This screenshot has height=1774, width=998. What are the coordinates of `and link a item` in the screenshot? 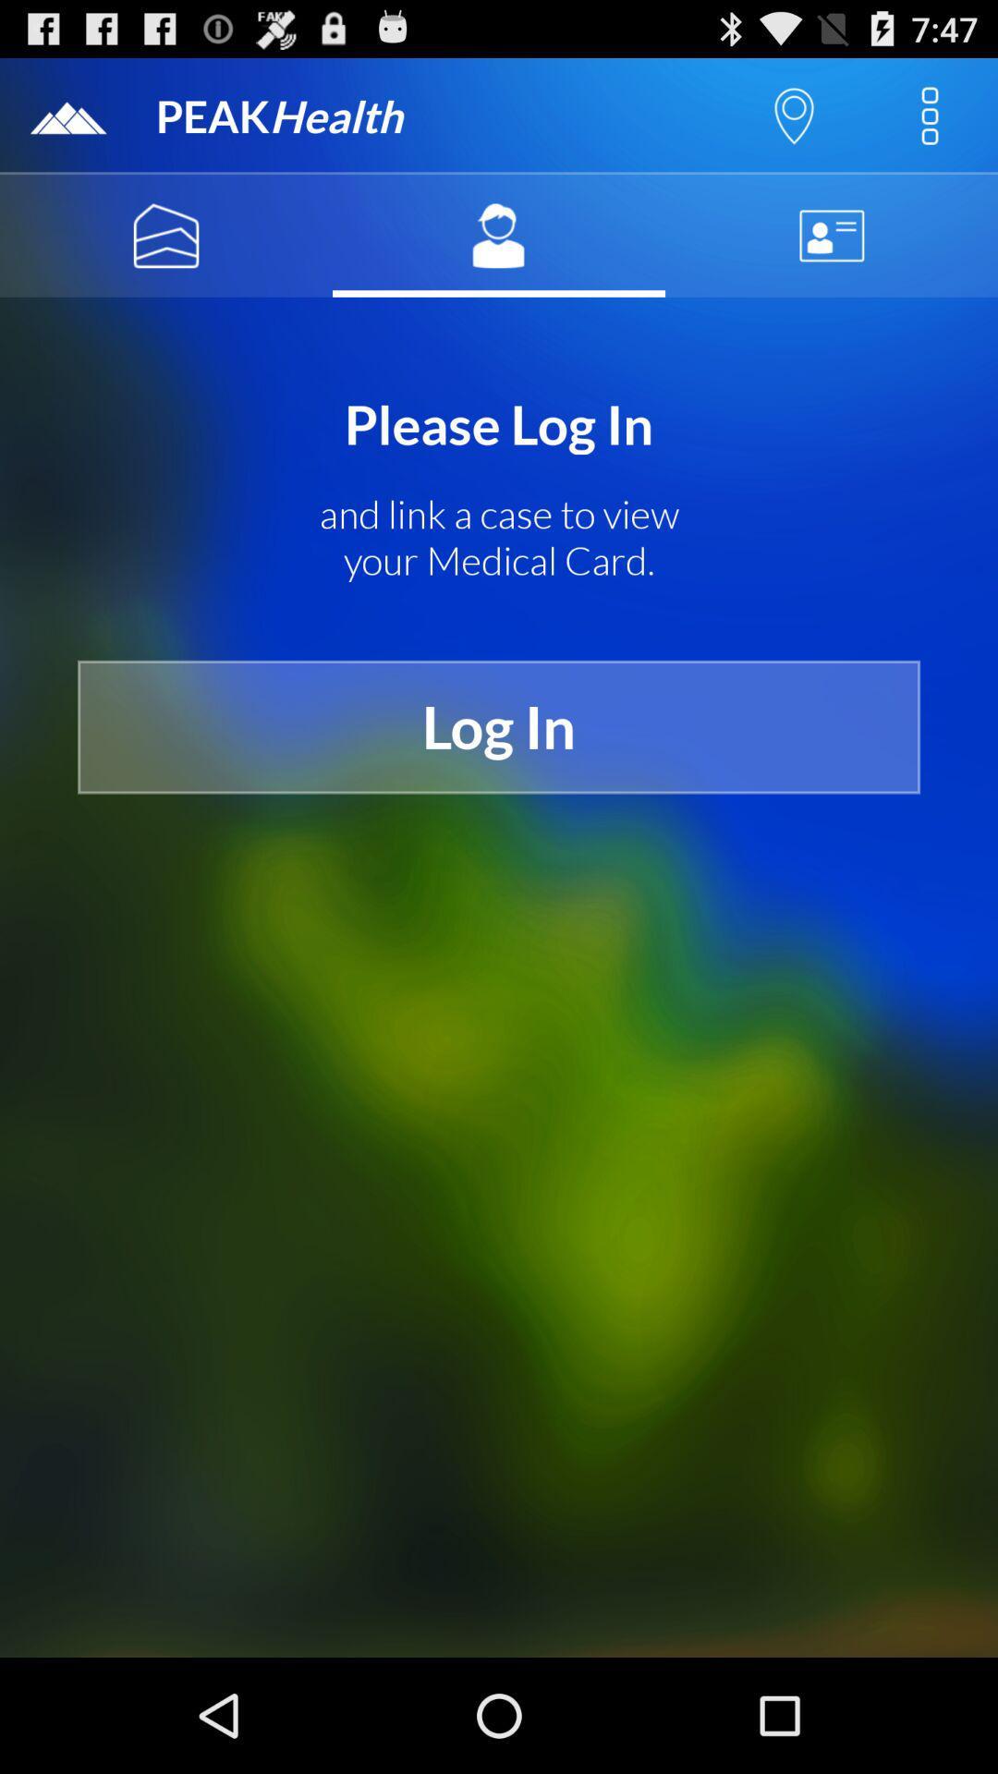 It's located at (499, 537).